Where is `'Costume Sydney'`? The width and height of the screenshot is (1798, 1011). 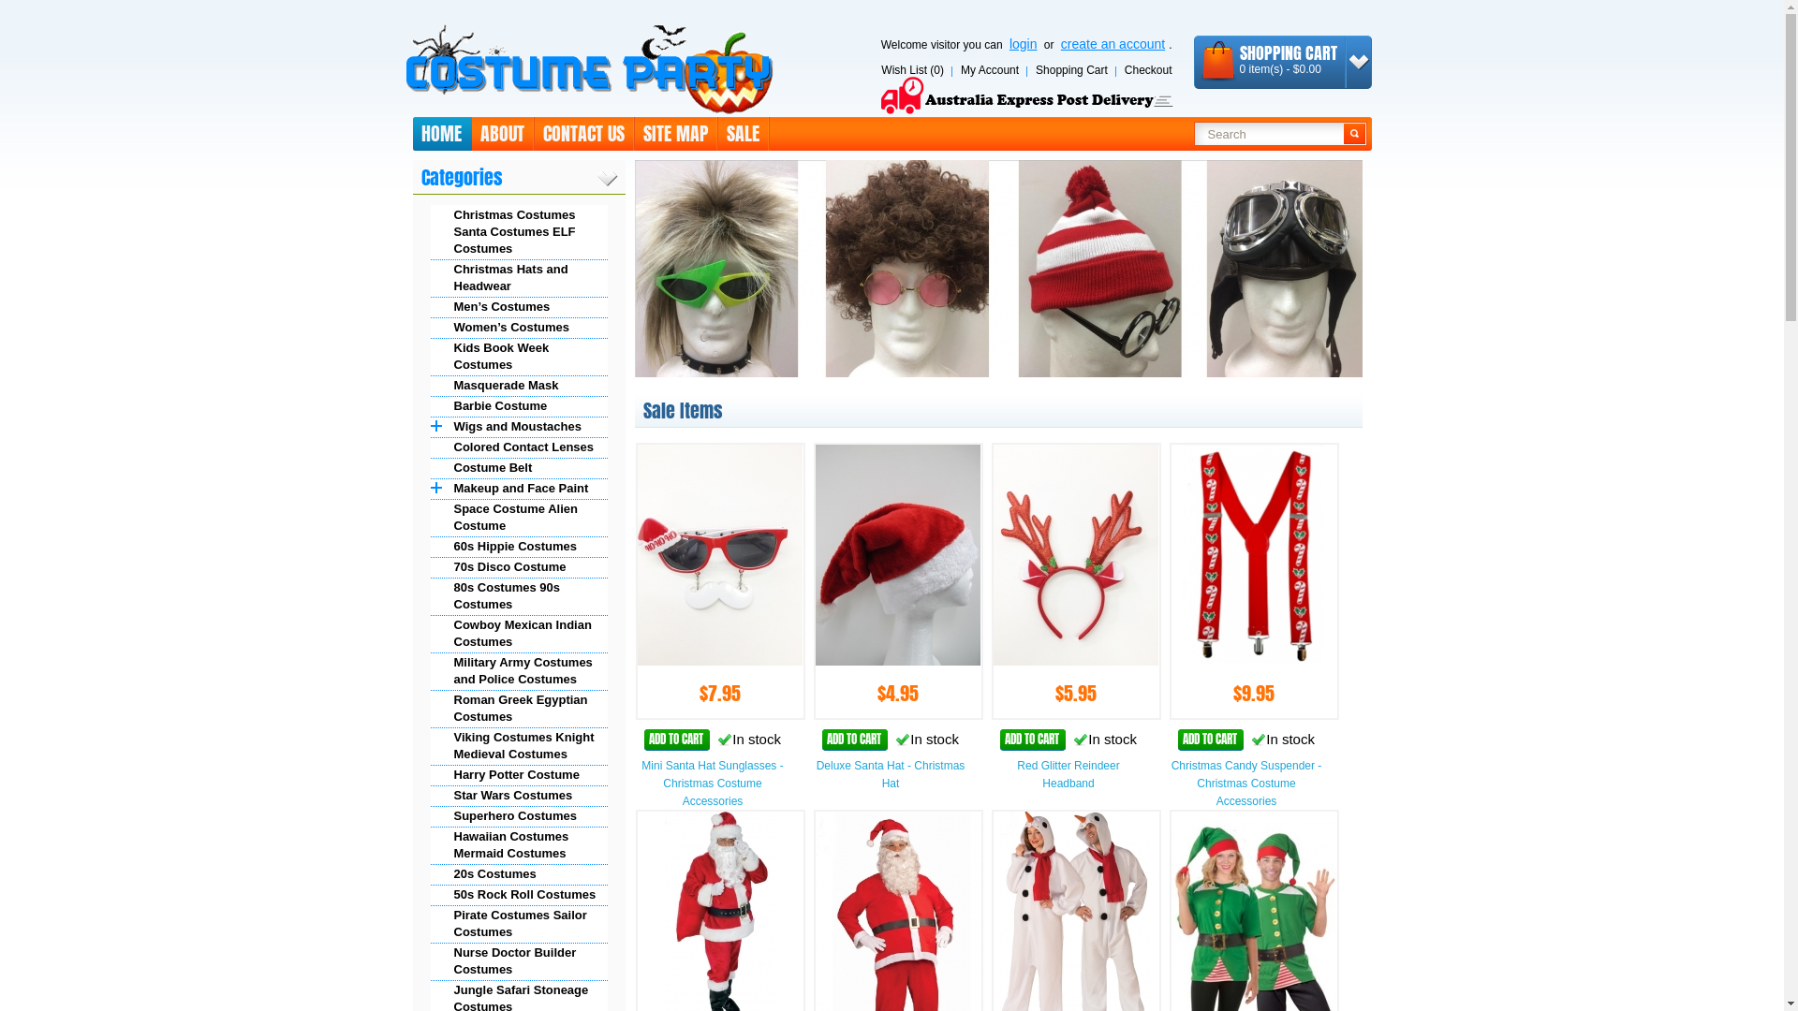
'Costume Sydney' is located at coordinates (587, 67).